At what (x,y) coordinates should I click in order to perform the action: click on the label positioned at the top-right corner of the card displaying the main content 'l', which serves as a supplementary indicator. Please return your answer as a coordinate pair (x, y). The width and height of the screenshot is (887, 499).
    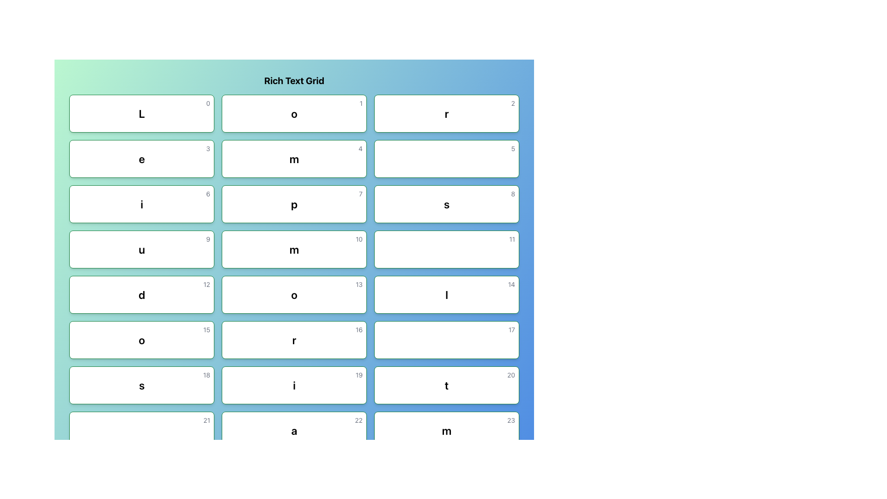
    Looking at the image, I should click on (511, 284).